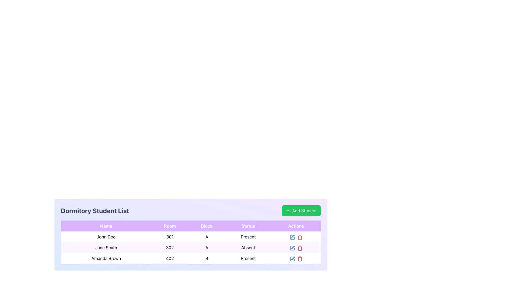  What do you see at coordinates (292, 247) in the screenshot?
I see `the edit icon button located in the 'Actions' column of the second row of the table to initiate editing` at bounding box center [292, 247].